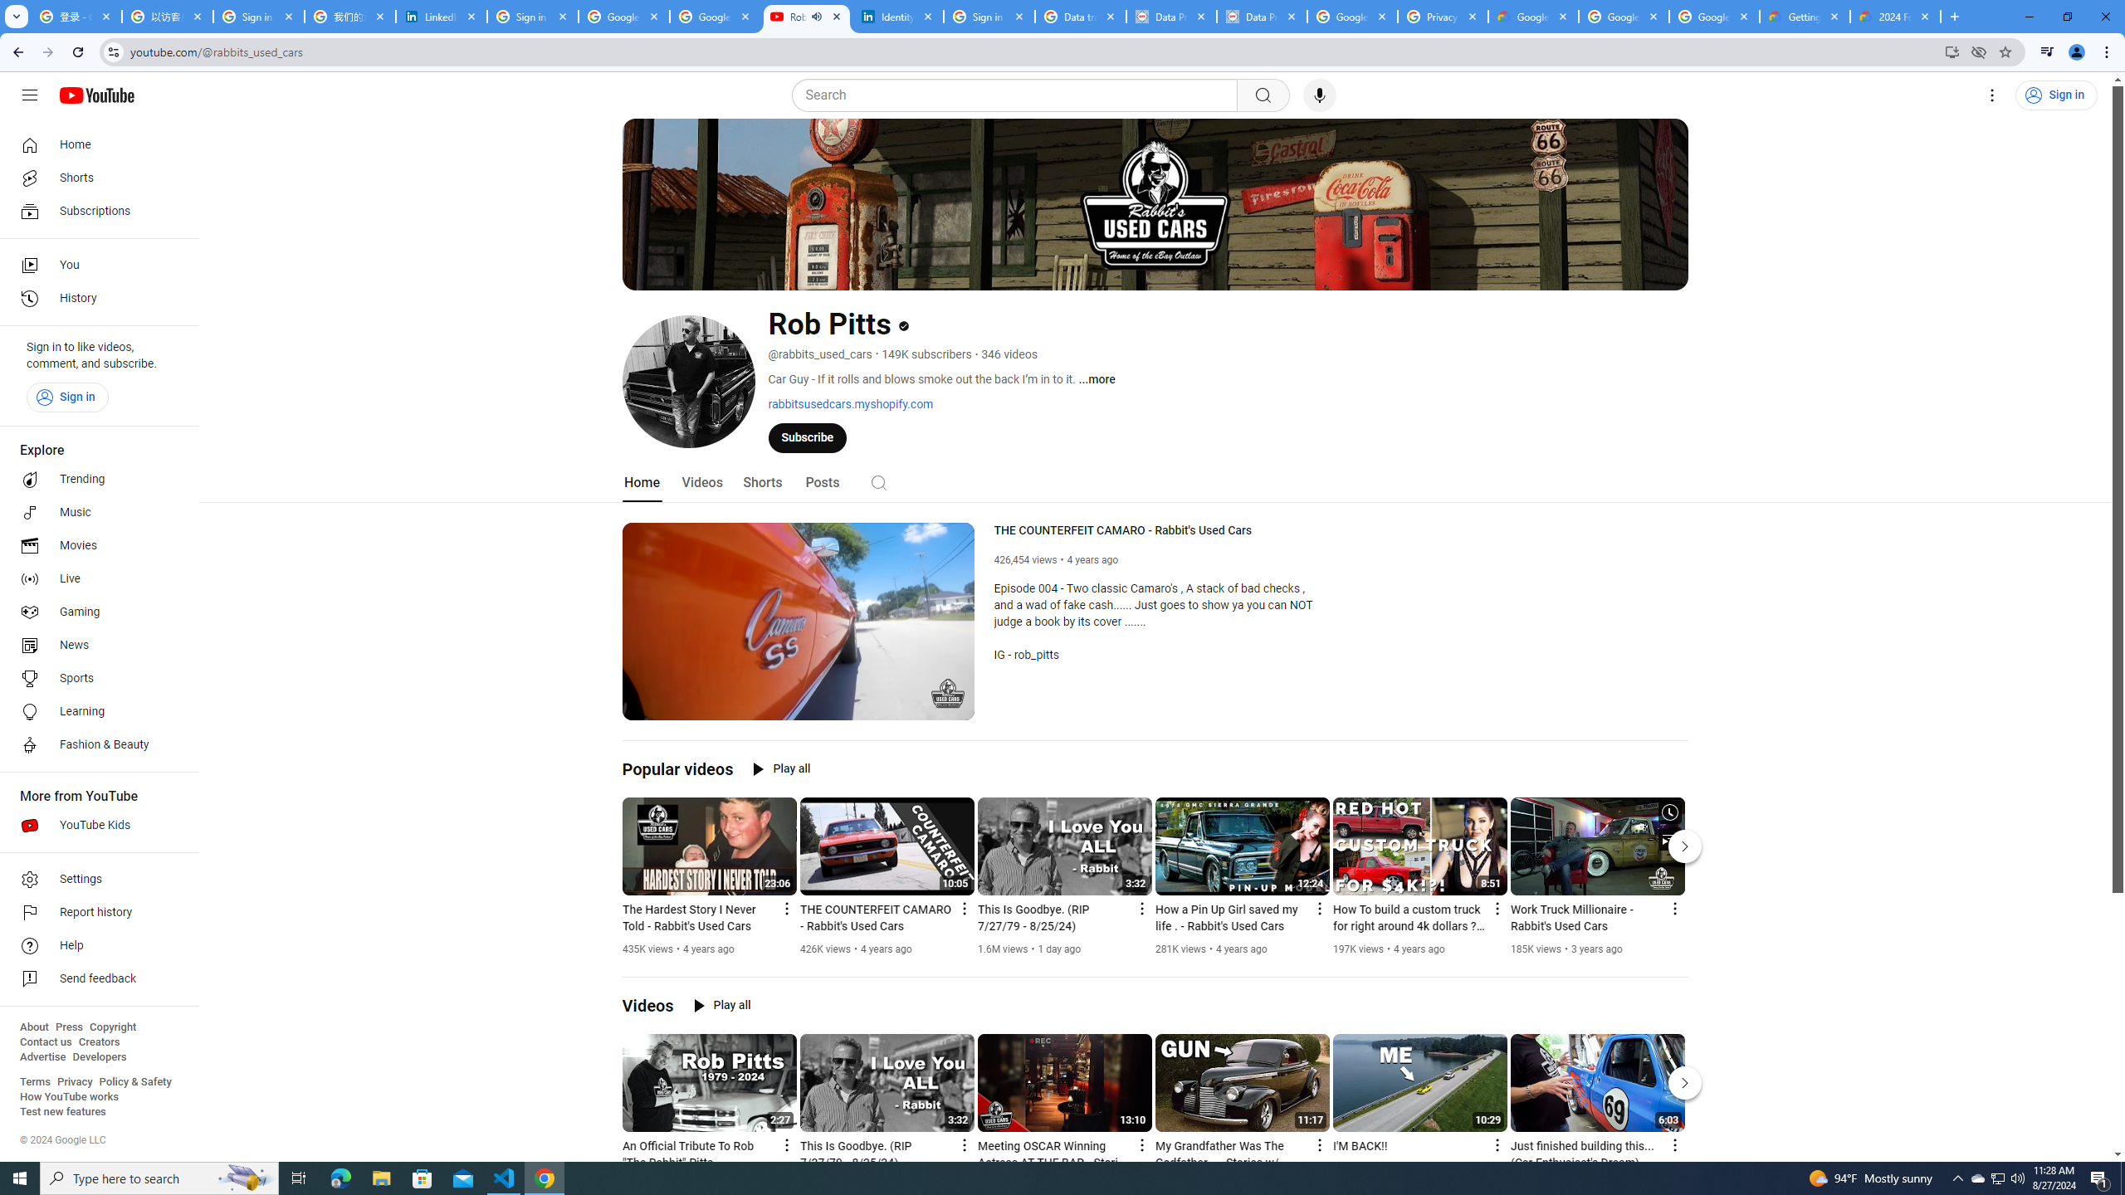 The image size is (2125, 1195). What do you see at coordinates (94, 546) in the screenshot?
I see `'Movies'` at bounding box center [94, 546].